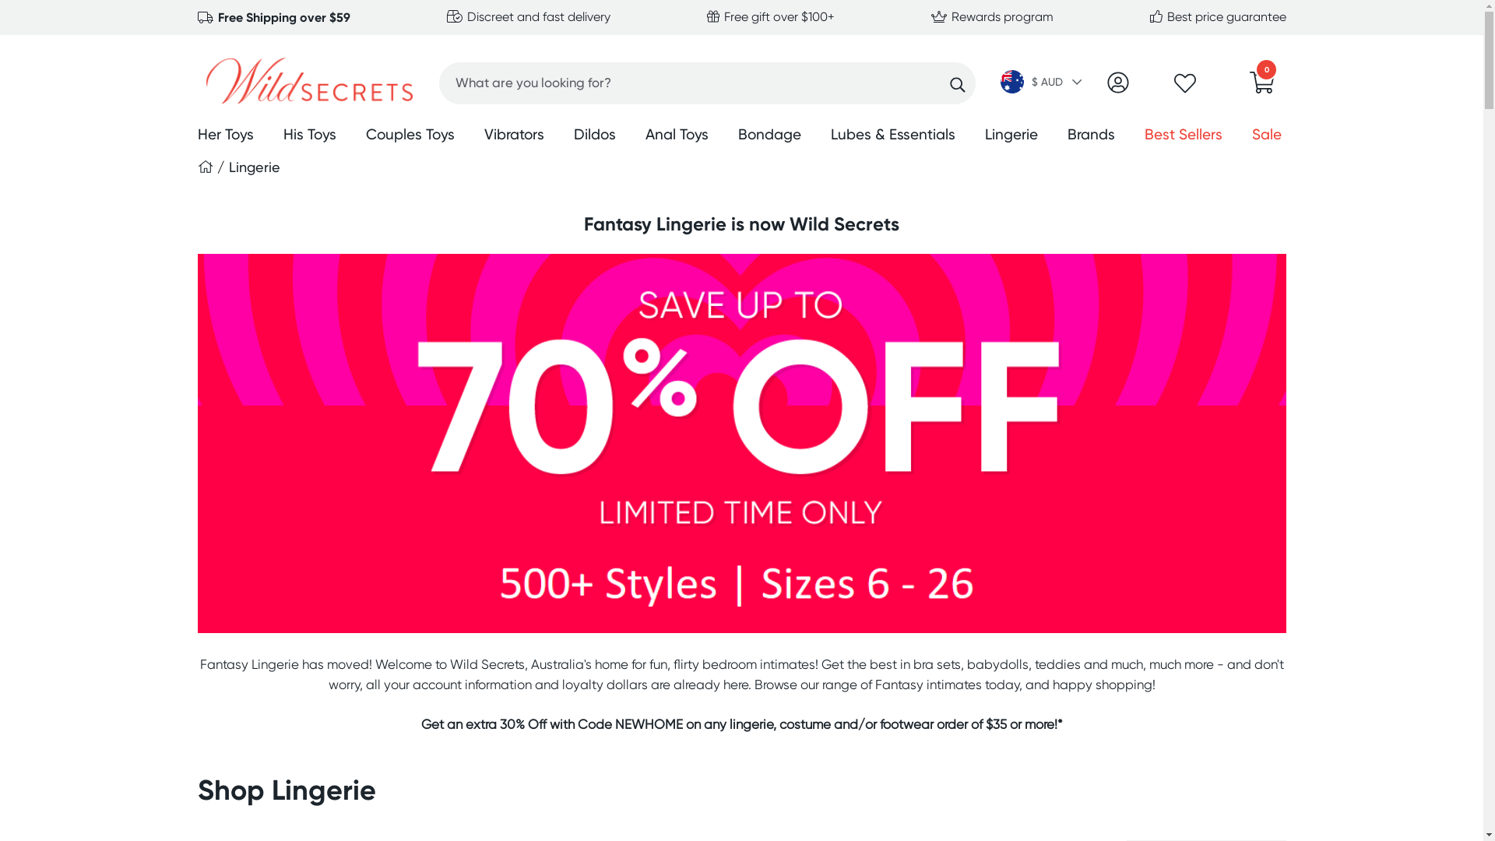 This screenshot has width=1495, height=841. What do you see at coordinates (828, 135) in the screenshot?
I see `'Lubes & Essentials'` at bounding box center [828, 135].